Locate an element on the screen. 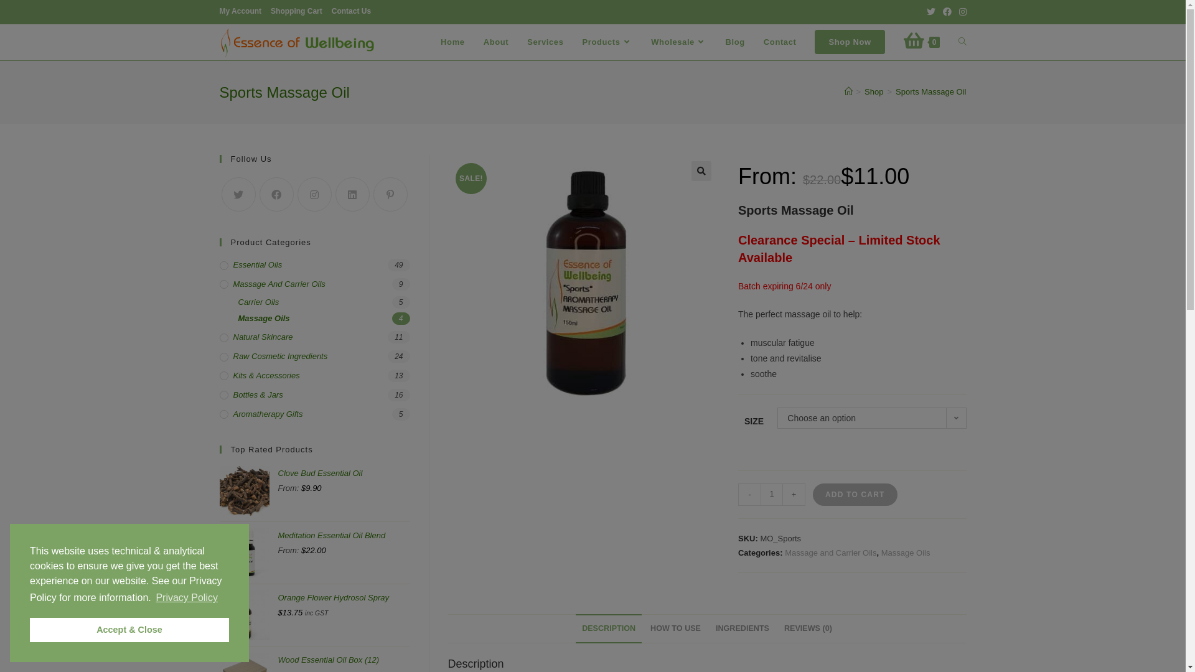 The image size is (1195, 672). '-' is located at coordinates (749, 493).